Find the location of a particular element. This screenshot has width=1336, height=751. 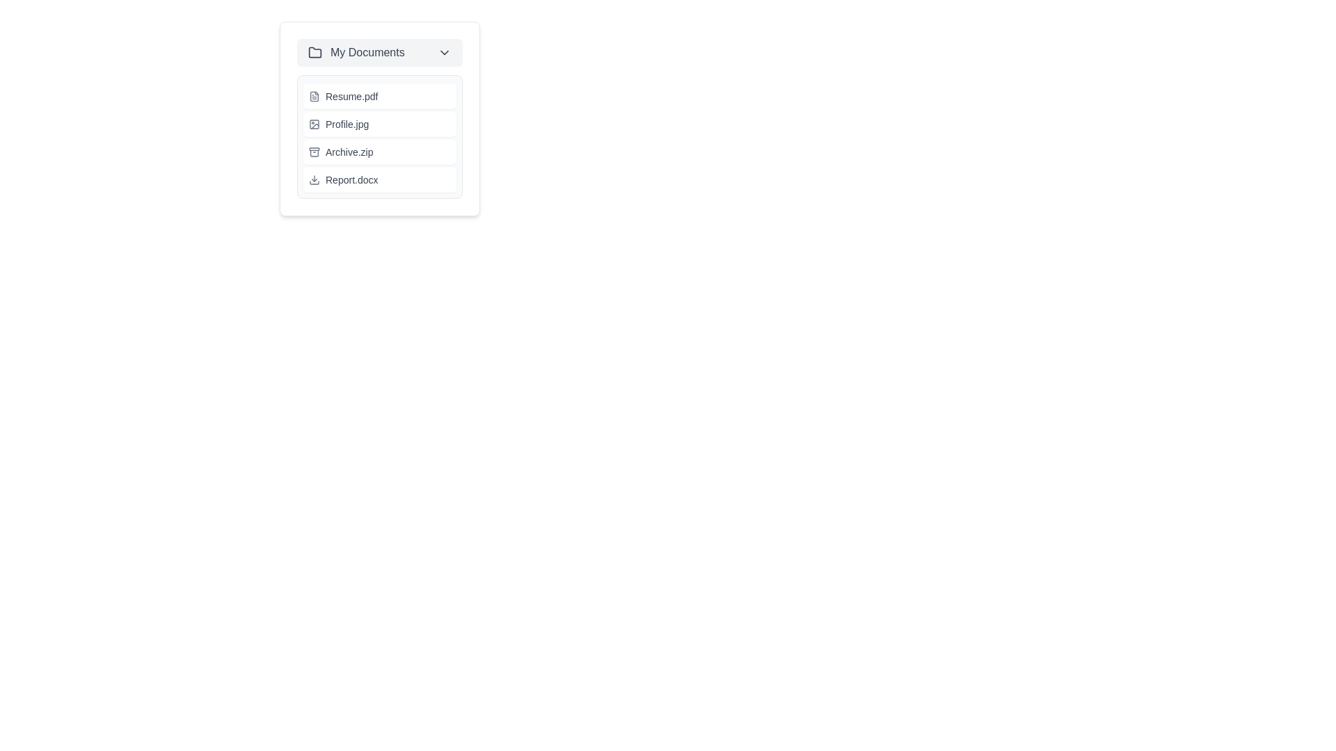

the folder icon located in the header bar of the 'My Documents' section, positioned immediately to the left of the text 'My Documents' is located at coordinates (314, 52).